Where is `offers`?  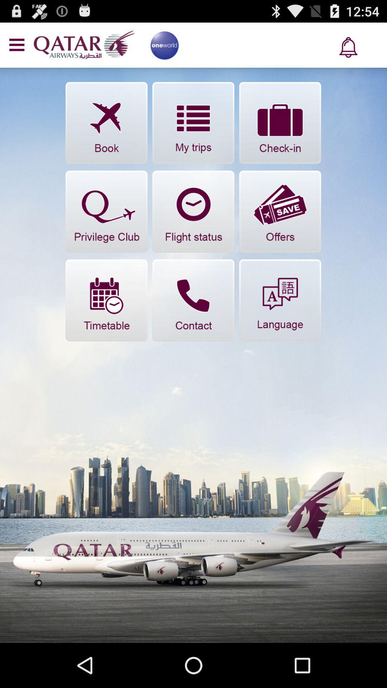
offers is located at coordinates (279, 211).